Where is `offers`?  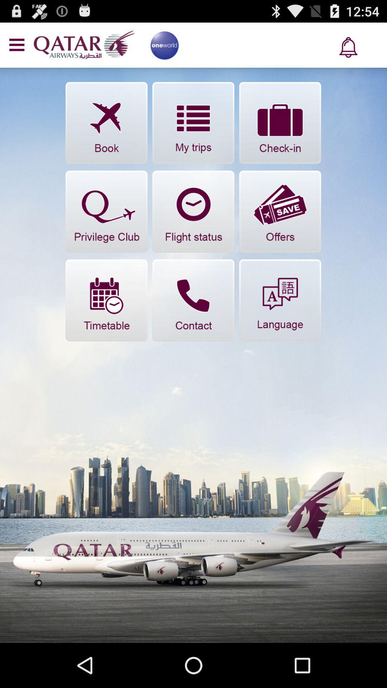
offers is located at coordinates (279, 211).